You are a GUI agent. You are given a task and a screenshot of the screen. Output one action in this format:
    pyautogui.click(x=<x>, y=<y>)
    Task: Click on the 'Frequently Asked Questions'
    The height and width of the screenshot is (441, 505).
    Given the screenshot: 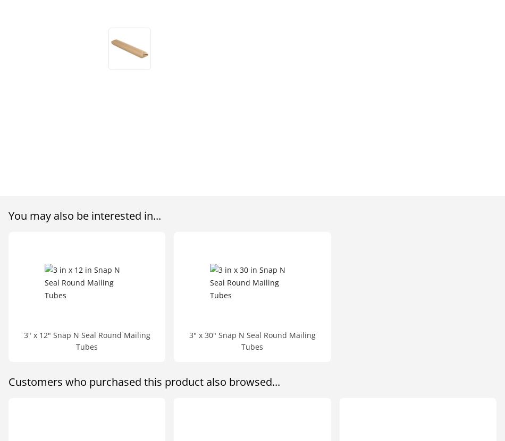 What is the action you would take?
    pyautogui.click(x=202, y=85)
    